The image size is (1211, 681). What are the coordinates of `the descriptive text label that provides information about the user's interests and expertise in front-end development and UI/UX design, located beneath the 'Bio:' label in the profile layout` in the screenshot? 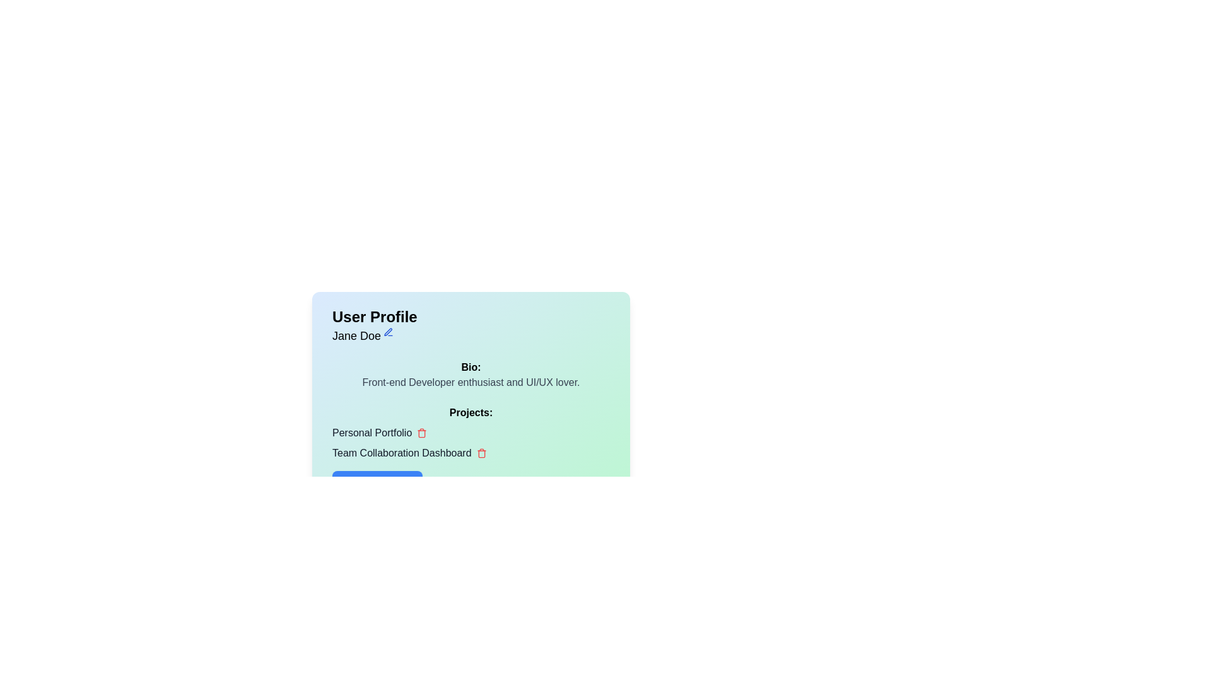 It's located at (471, 381).